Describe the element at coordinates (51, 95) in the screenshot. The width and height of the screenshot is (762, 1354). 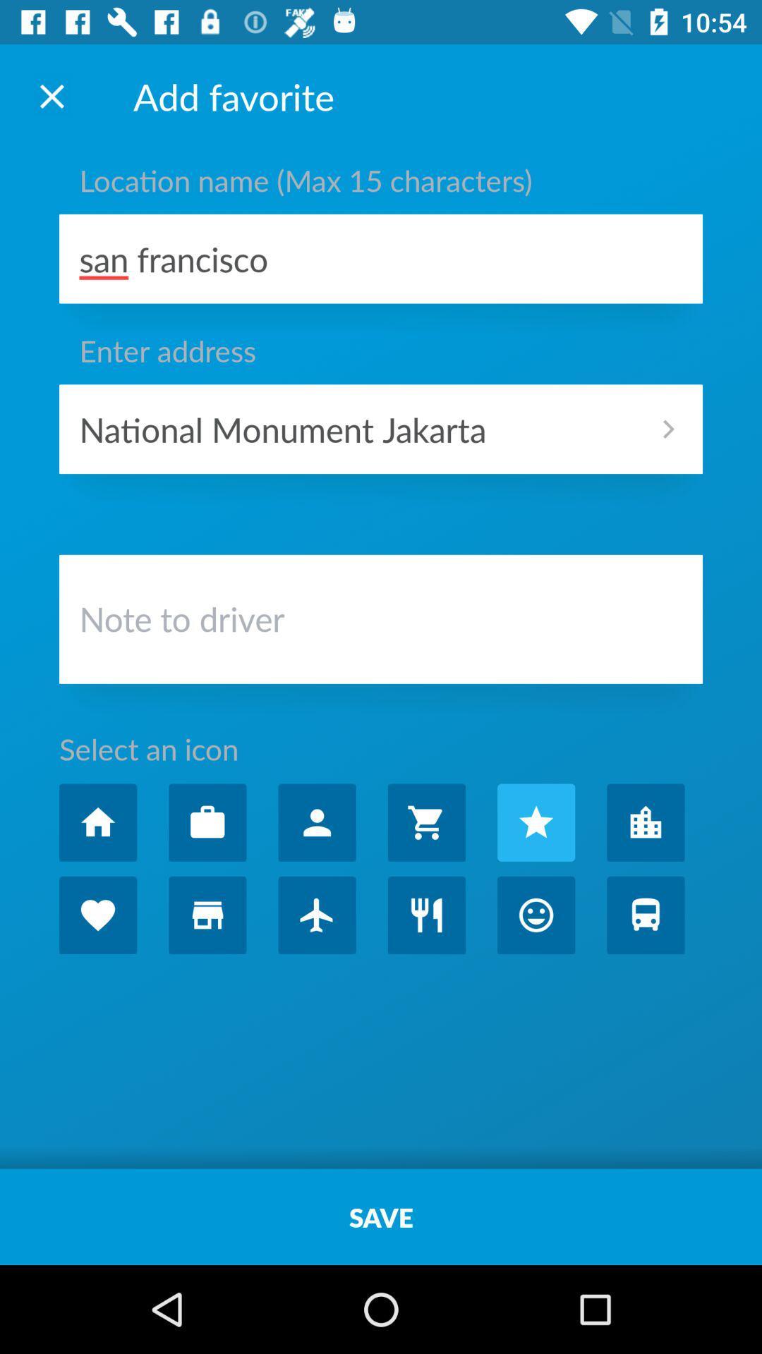
I see `cancel button` at that location.